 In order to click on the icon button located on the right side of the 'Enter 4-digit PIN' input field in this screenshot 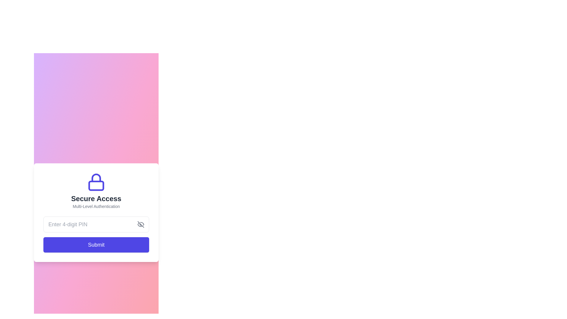, I will do `click(140, 224)`.